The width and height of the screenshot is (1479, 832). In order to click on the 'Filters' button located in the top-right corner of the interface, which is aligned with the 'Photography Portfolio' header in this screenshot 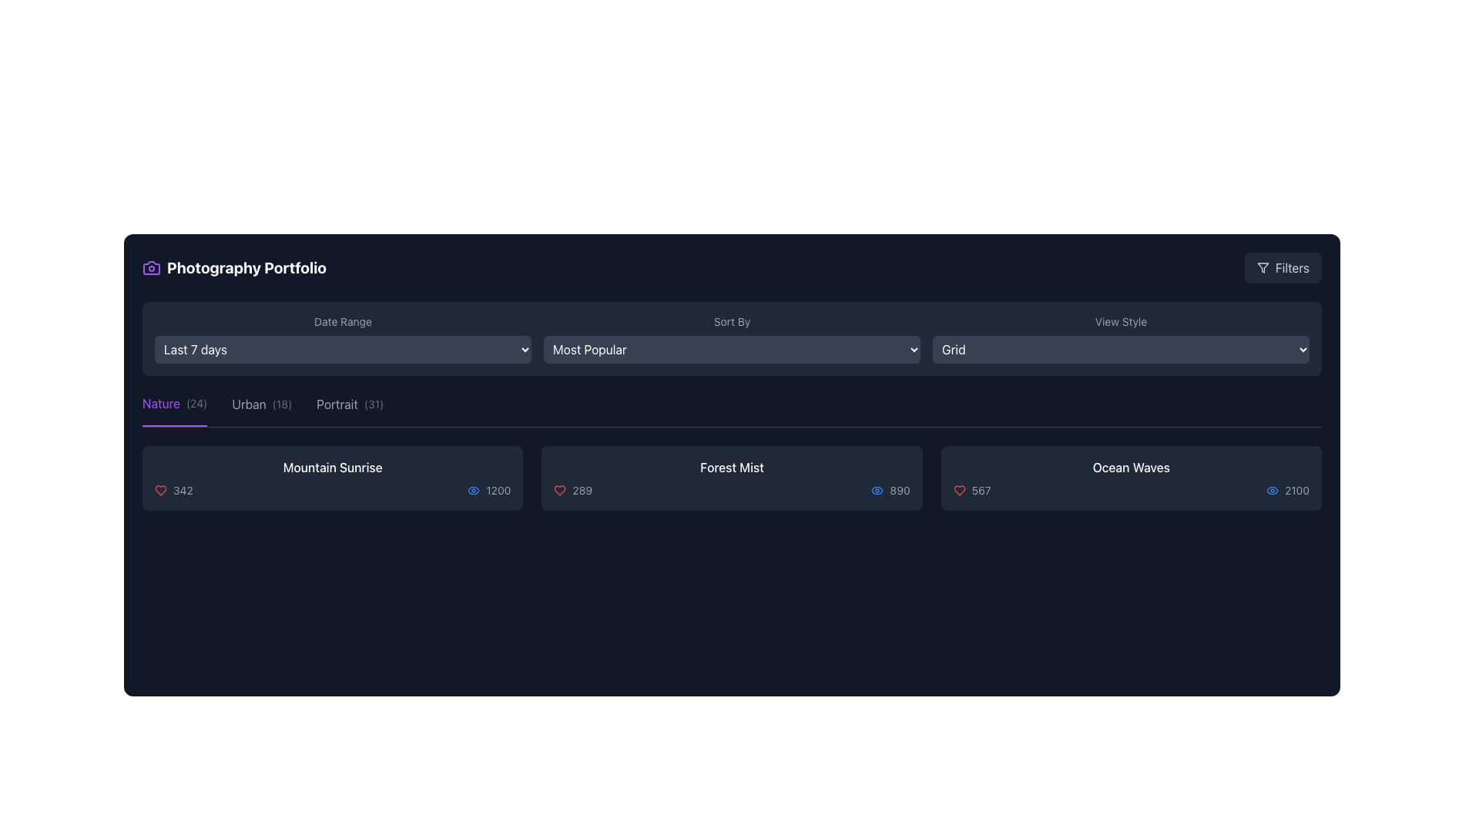, I will do `click(1283, 267)`.